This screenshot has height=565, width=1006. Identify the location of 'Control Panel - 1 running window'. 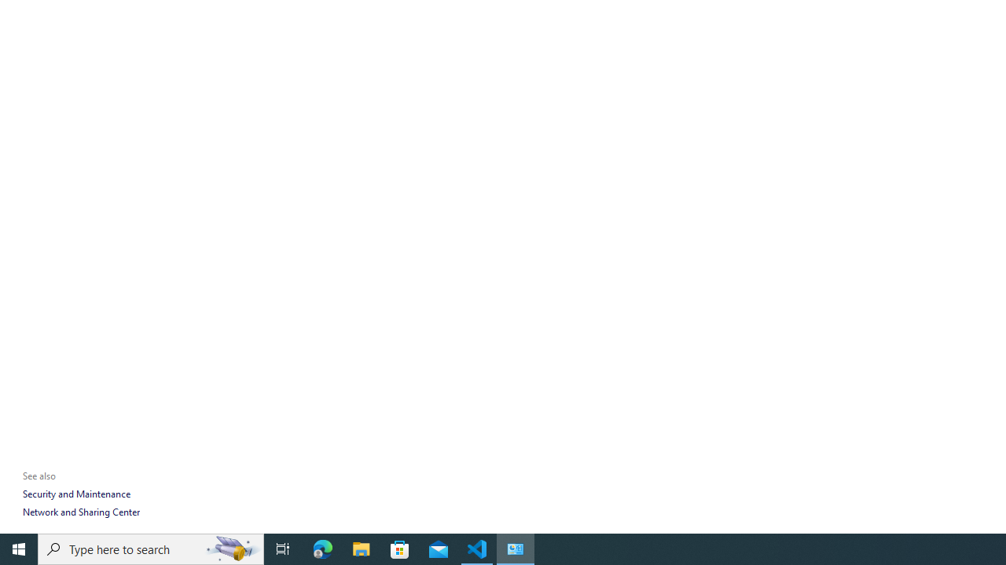
(516, 548).